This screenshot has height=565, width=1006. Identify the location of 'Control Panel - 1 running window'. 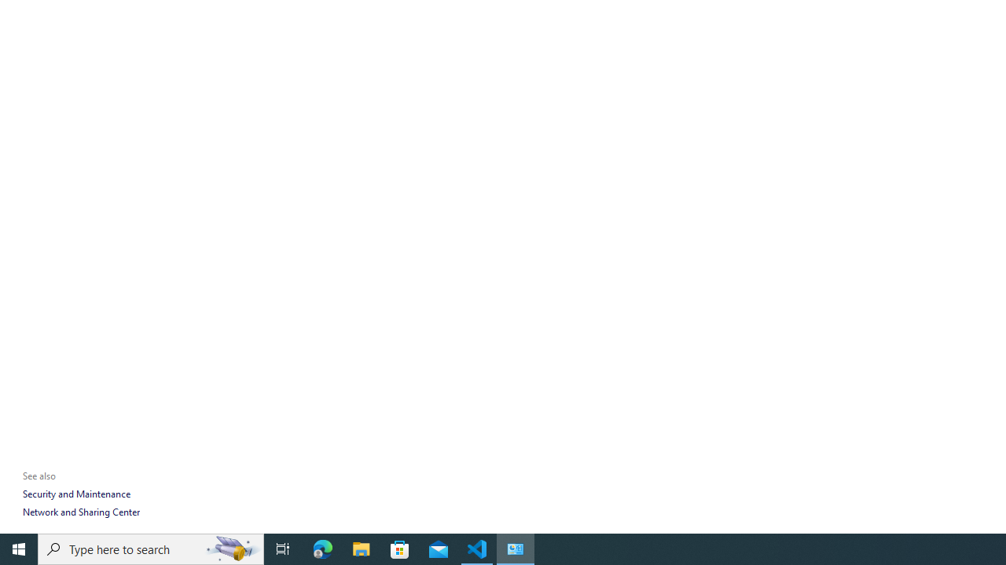
(516, 548).